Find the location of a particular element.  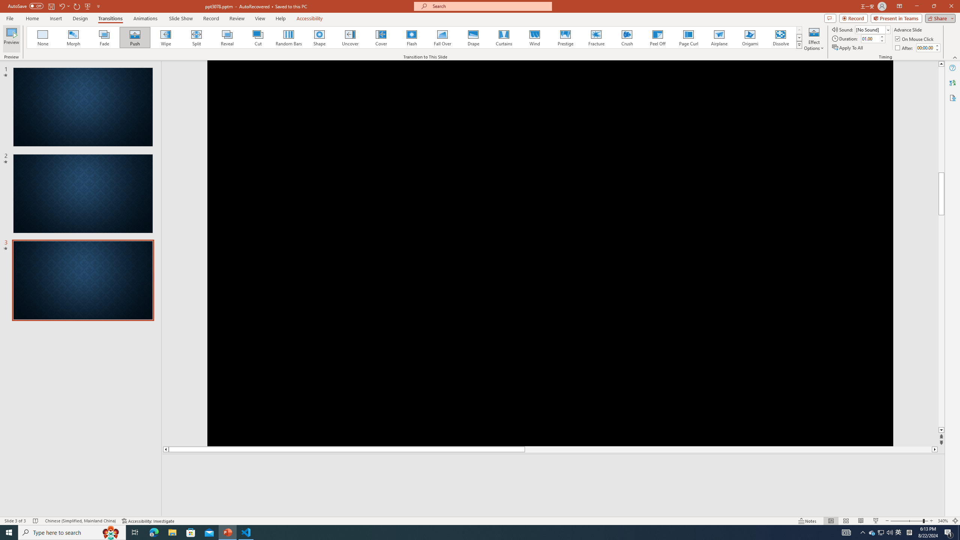

'Zoom 340%' is located at coordinates (943, 521).